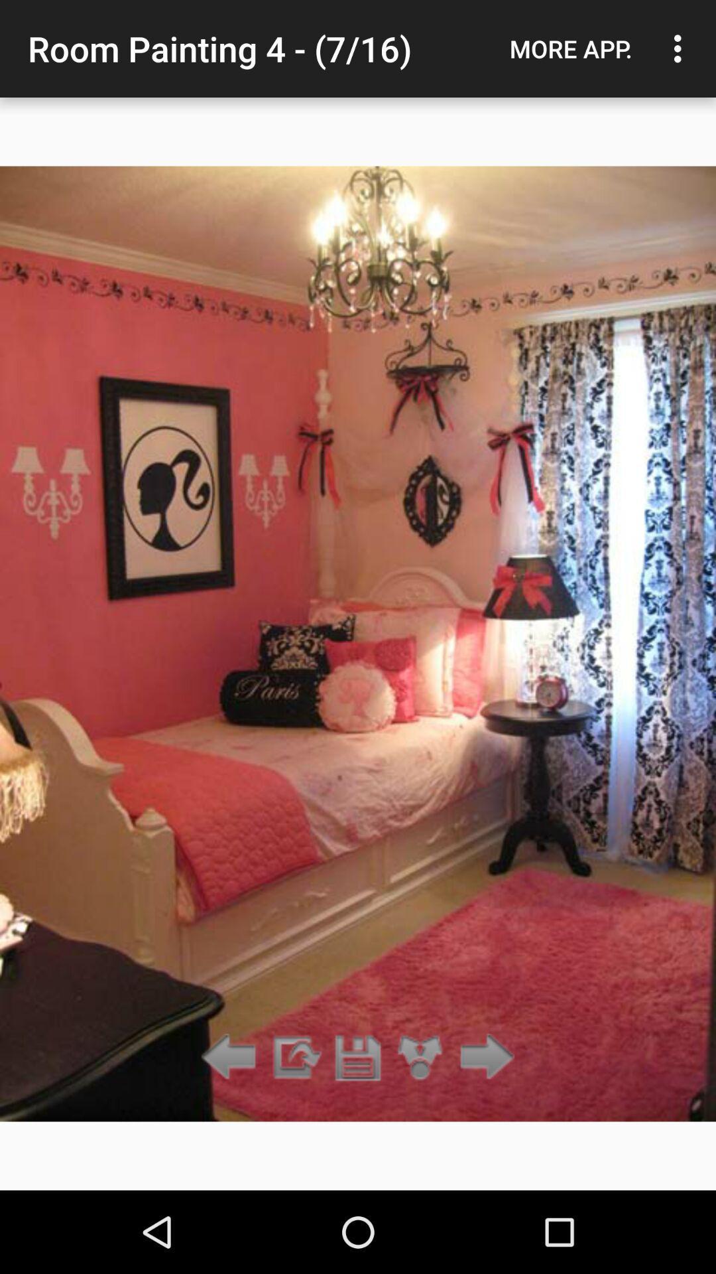 The image size is (716, 1274). I want to click on press camera pan icon, so click(420, 1057).